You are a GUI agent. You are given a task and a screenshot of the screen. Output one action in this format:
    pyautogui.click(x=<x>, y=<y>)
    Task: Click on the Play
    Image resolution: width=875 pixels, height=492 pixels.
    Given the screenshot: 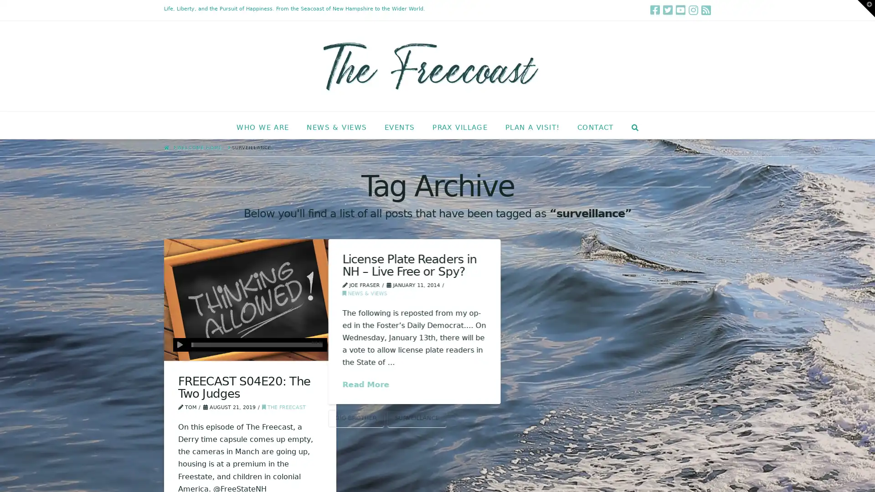 What is the action you would take?
    pyautogui.click(x=180, y=344)
    